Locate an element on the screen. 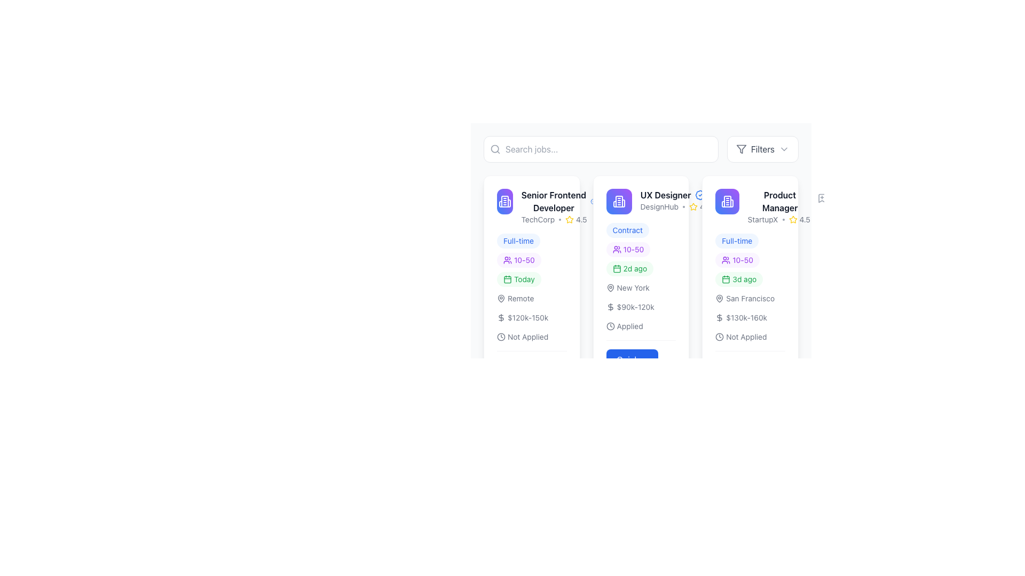 The image size is (1025, 576). the job offer card header for 'Product Manager' at StartupX is located at coordinates (763, 207).